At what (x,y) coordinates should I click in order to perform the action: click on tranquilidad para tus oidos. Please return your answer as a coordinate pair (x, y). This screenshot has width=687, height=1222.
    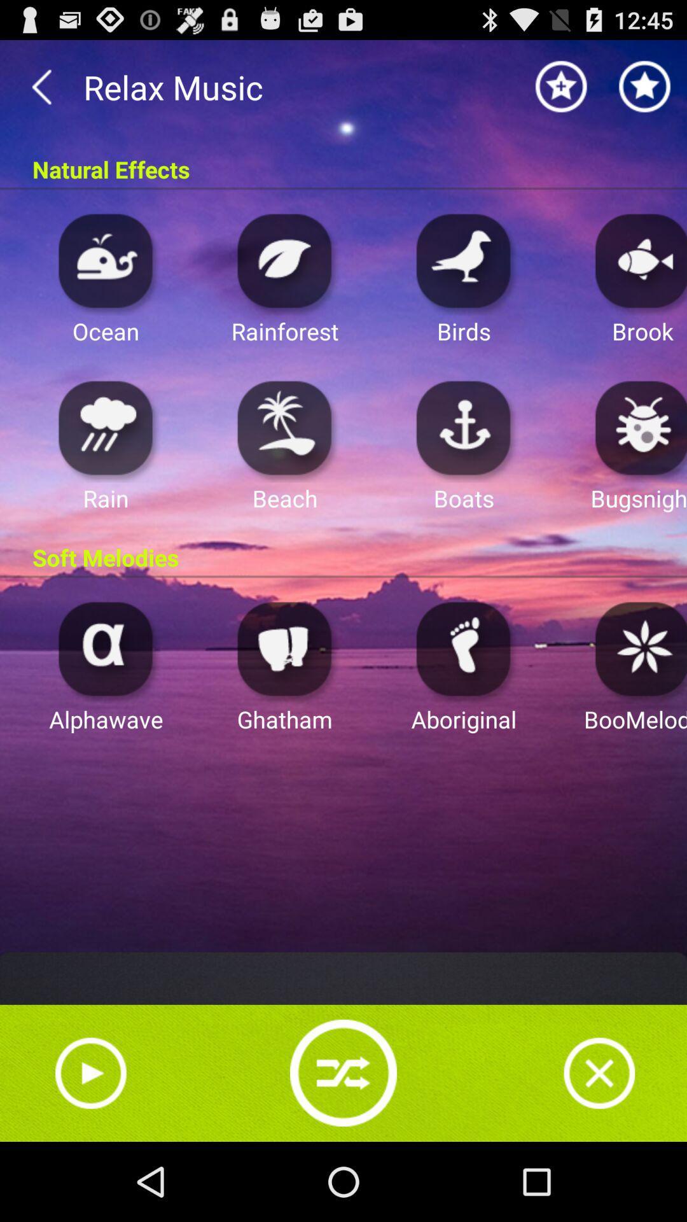
    Looking at the image, I should click on (464, 260).